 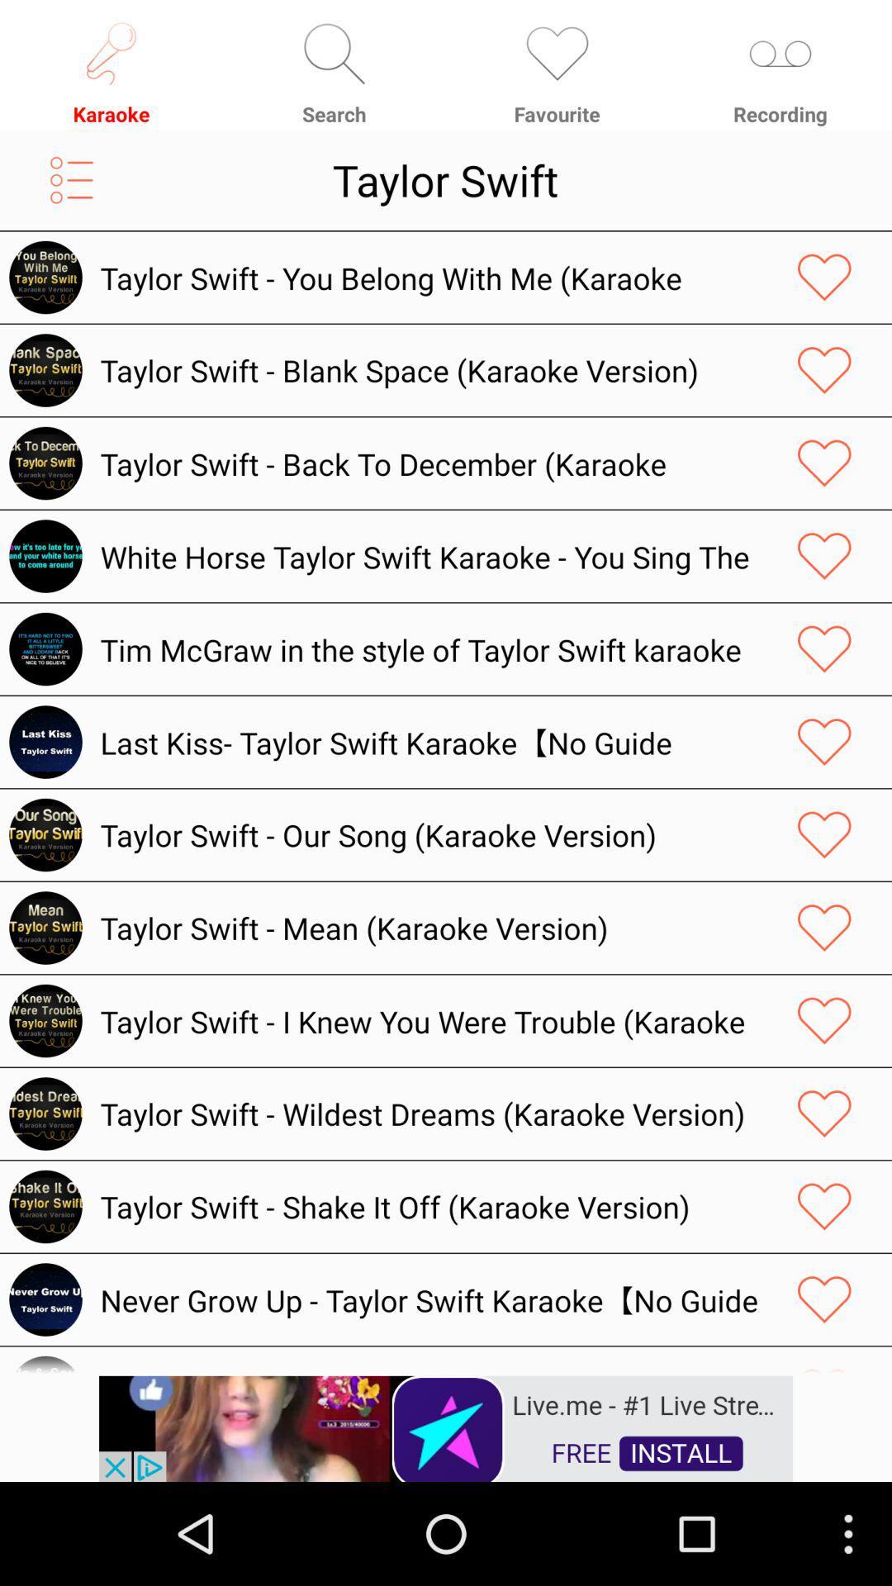 What do you see at coordinates (71, 180) in the screenshot?
I see `menu` at bounding box center [71, 180].